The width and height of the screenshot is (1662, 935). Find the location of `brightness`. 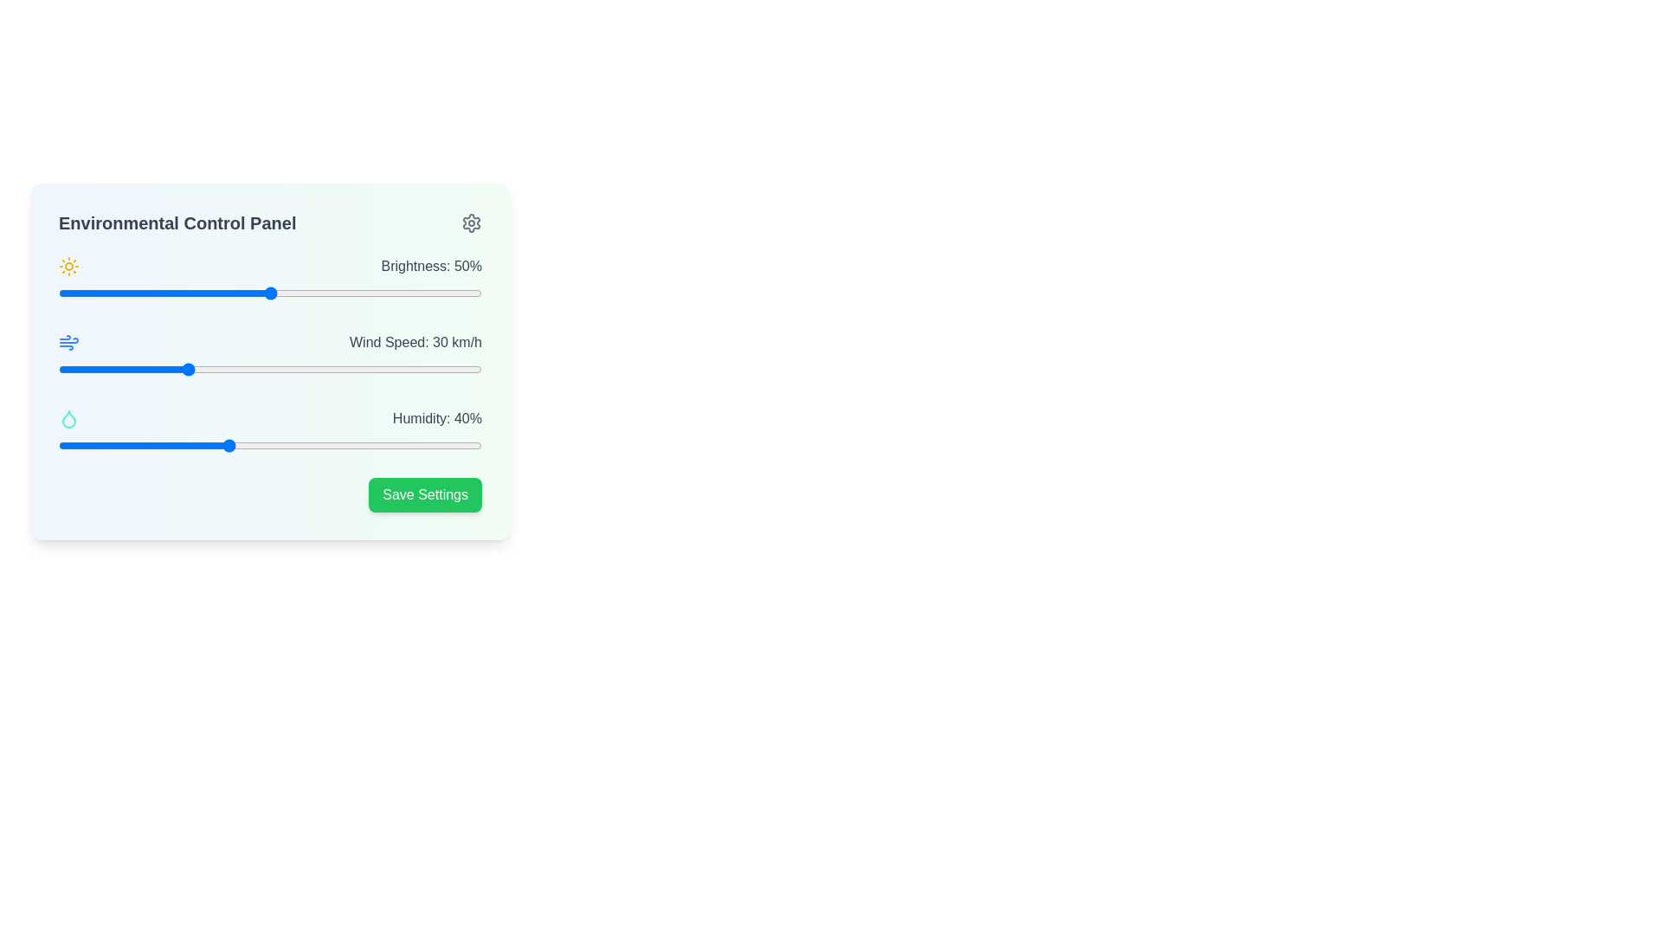

brightness is located at coordinates (300, 293).